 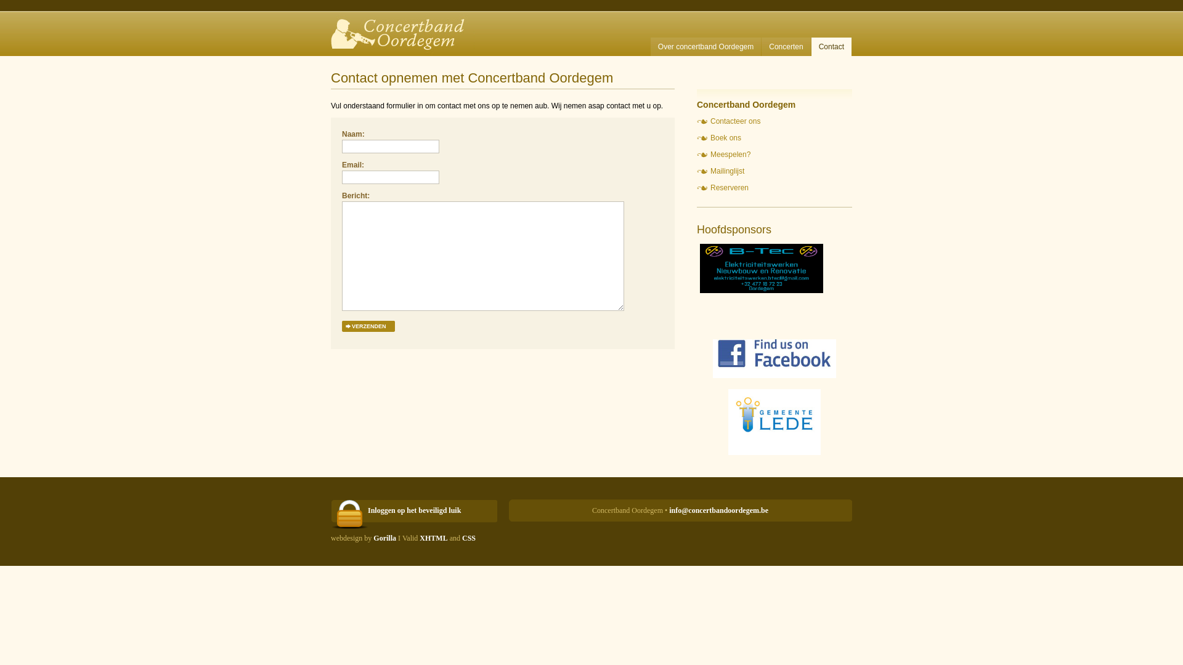 What do you see at coordinates (372, 538) in the screenshot?
I see `'Gorilla'` at bounding box center [372, 538].